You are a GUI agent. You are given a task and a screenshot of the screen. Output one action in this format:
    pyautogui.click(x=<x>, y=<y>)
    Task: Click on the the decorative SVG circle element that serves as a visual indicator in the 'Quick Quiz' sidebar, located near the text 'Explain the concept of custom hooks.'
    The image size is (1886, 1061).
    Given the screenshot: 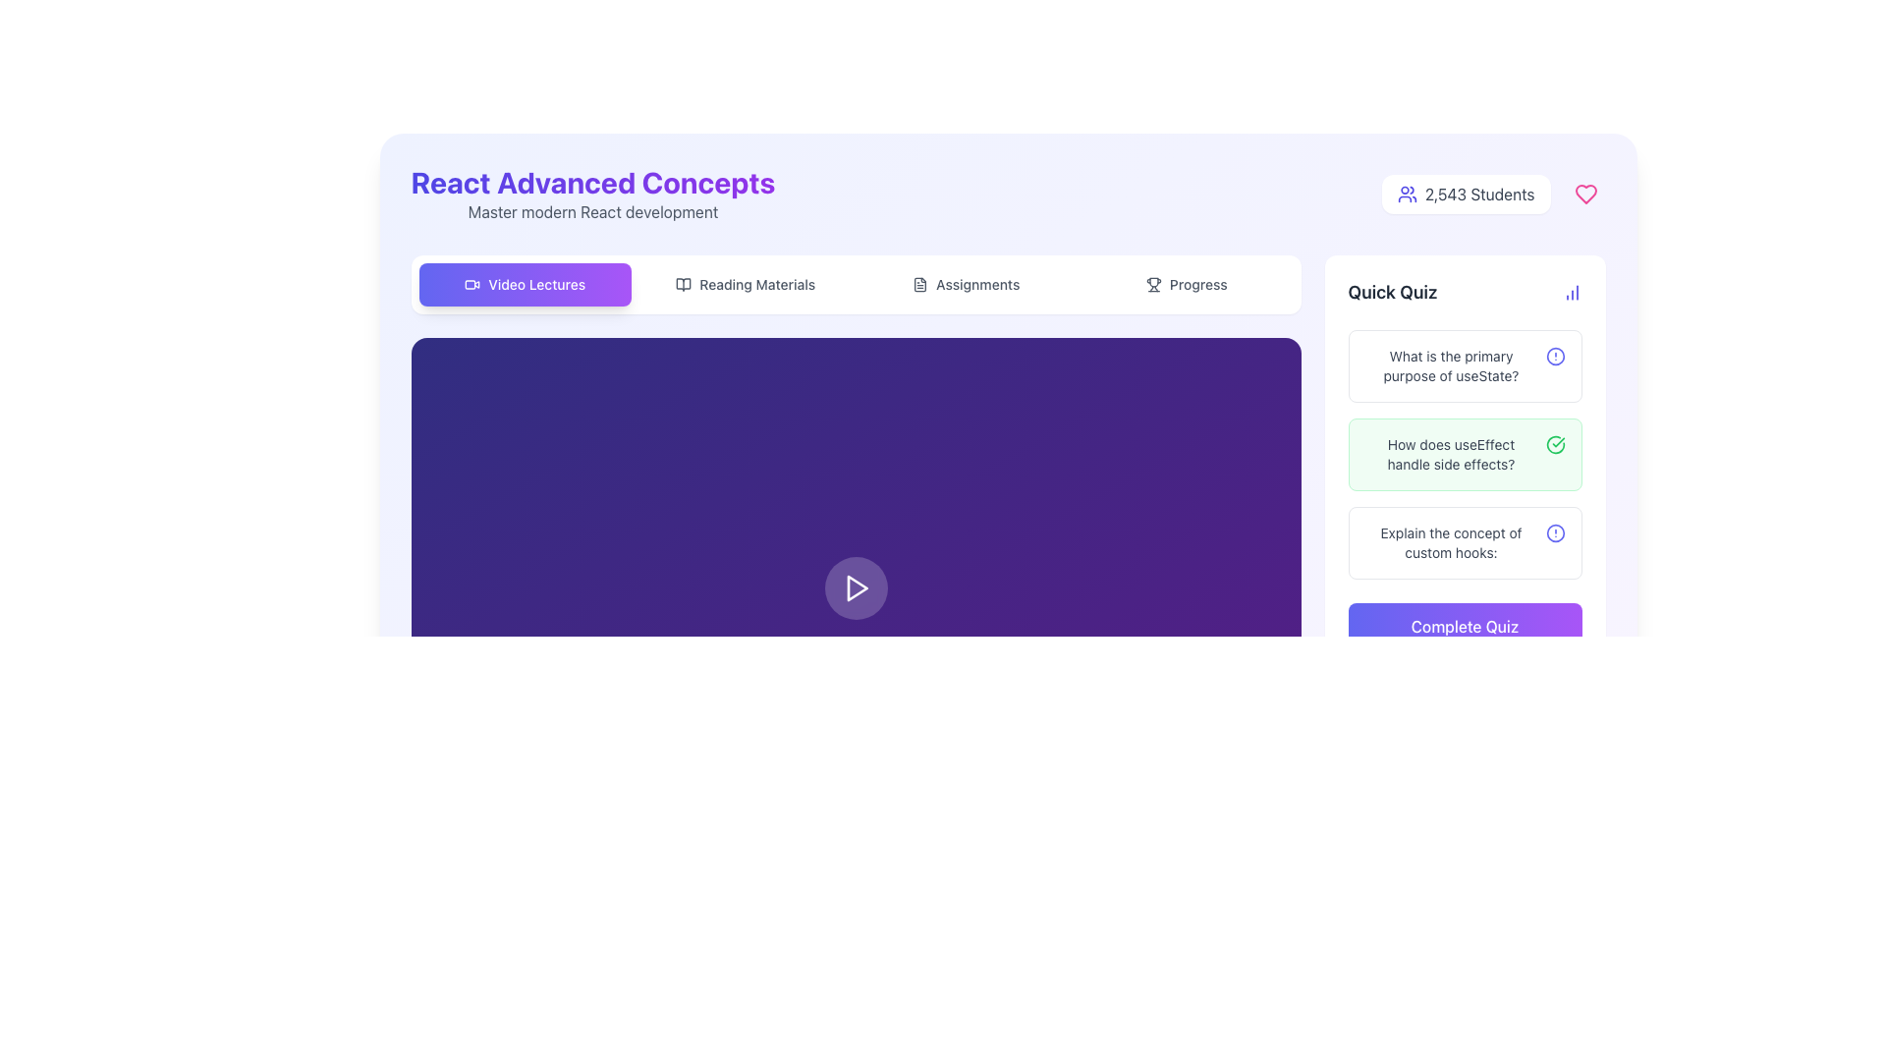 What is the action you would take?
    pyautogui.click(x=1554, y=533)
    